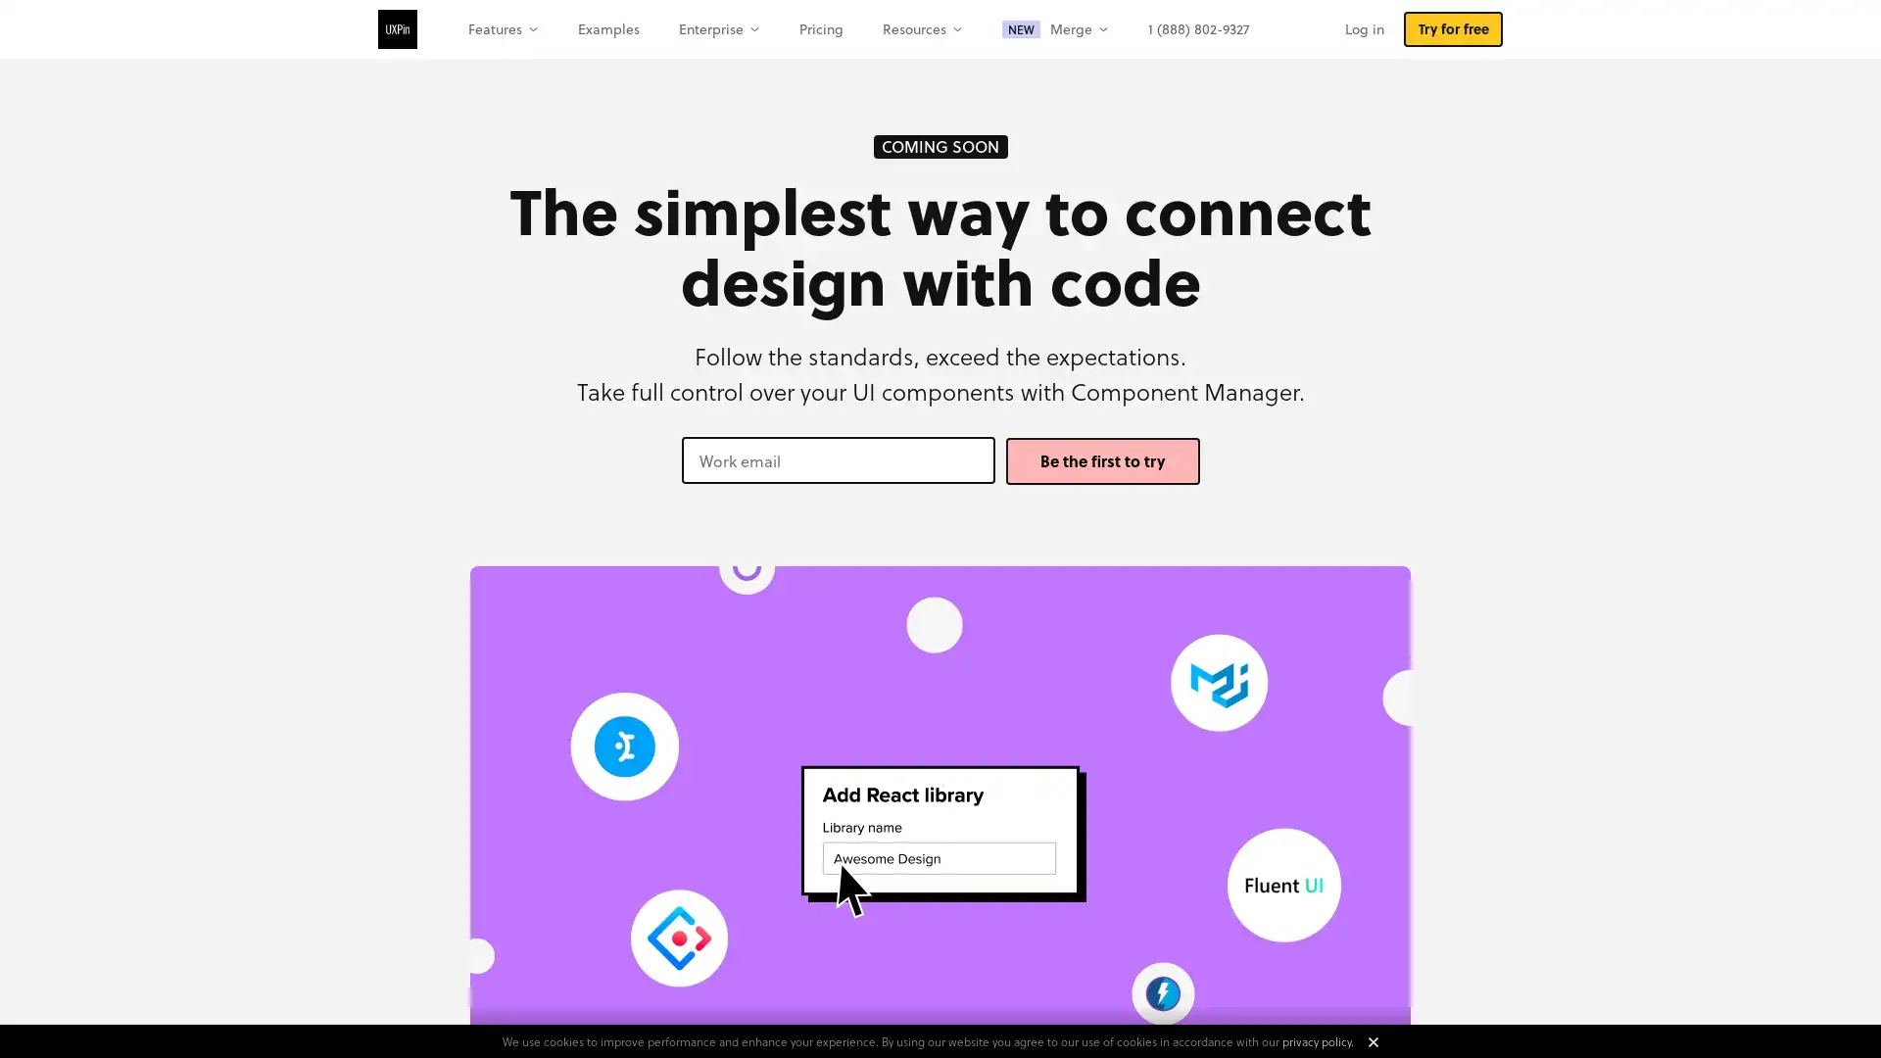 Image resolution: width=1881 pixels, height=1058 pixels. Describe the element at coordinates (1453, 29) in the screenshot. I see `Try for free` at that location.